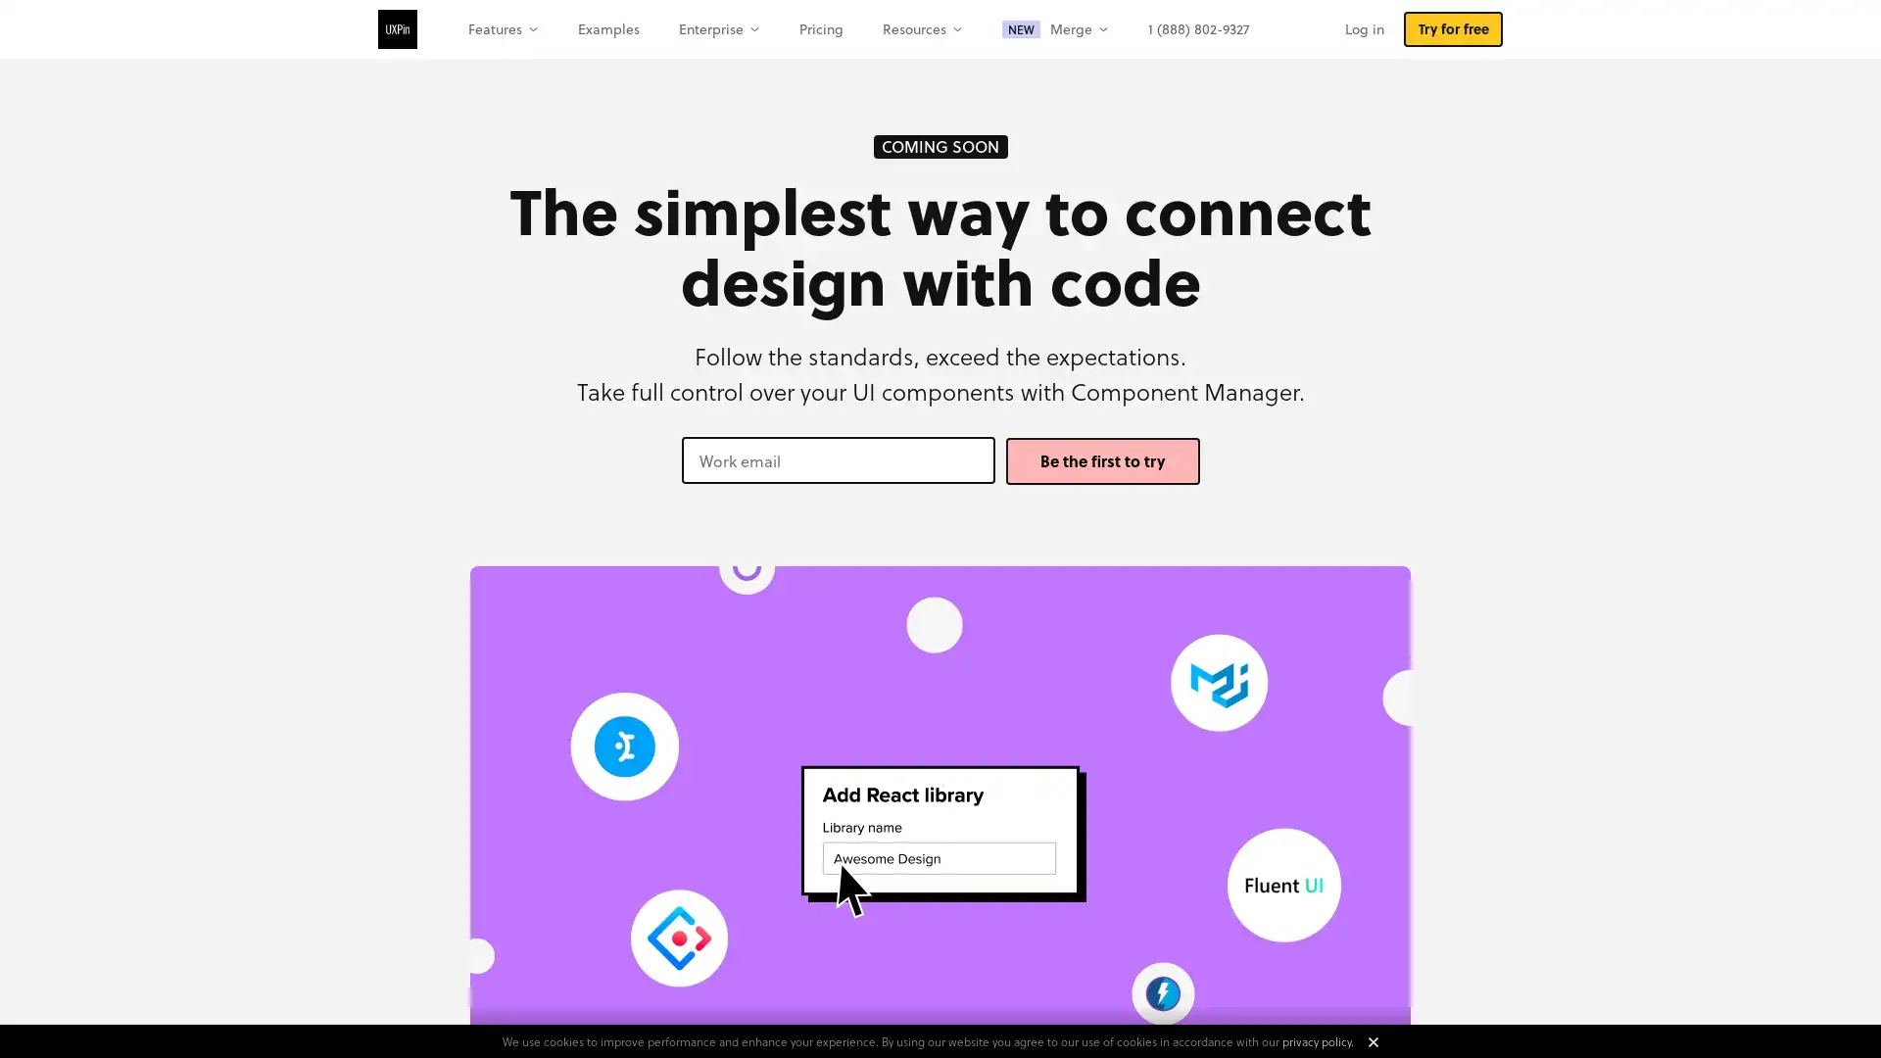 Image resolution: width=1881 pixels, height=1058 pixels. Describe the element at coordinates (1453, 29) in the screenshot. I see `Try for free` at that location.